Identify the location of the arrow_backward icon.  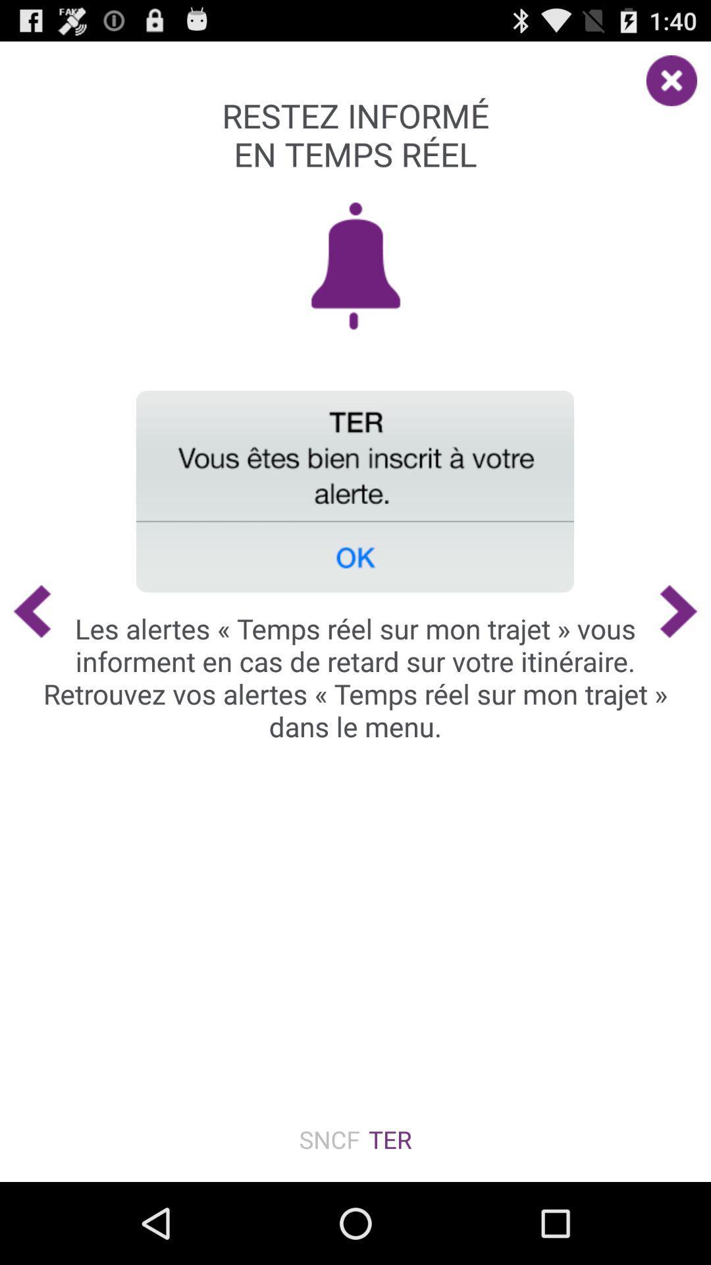
(25, 654).